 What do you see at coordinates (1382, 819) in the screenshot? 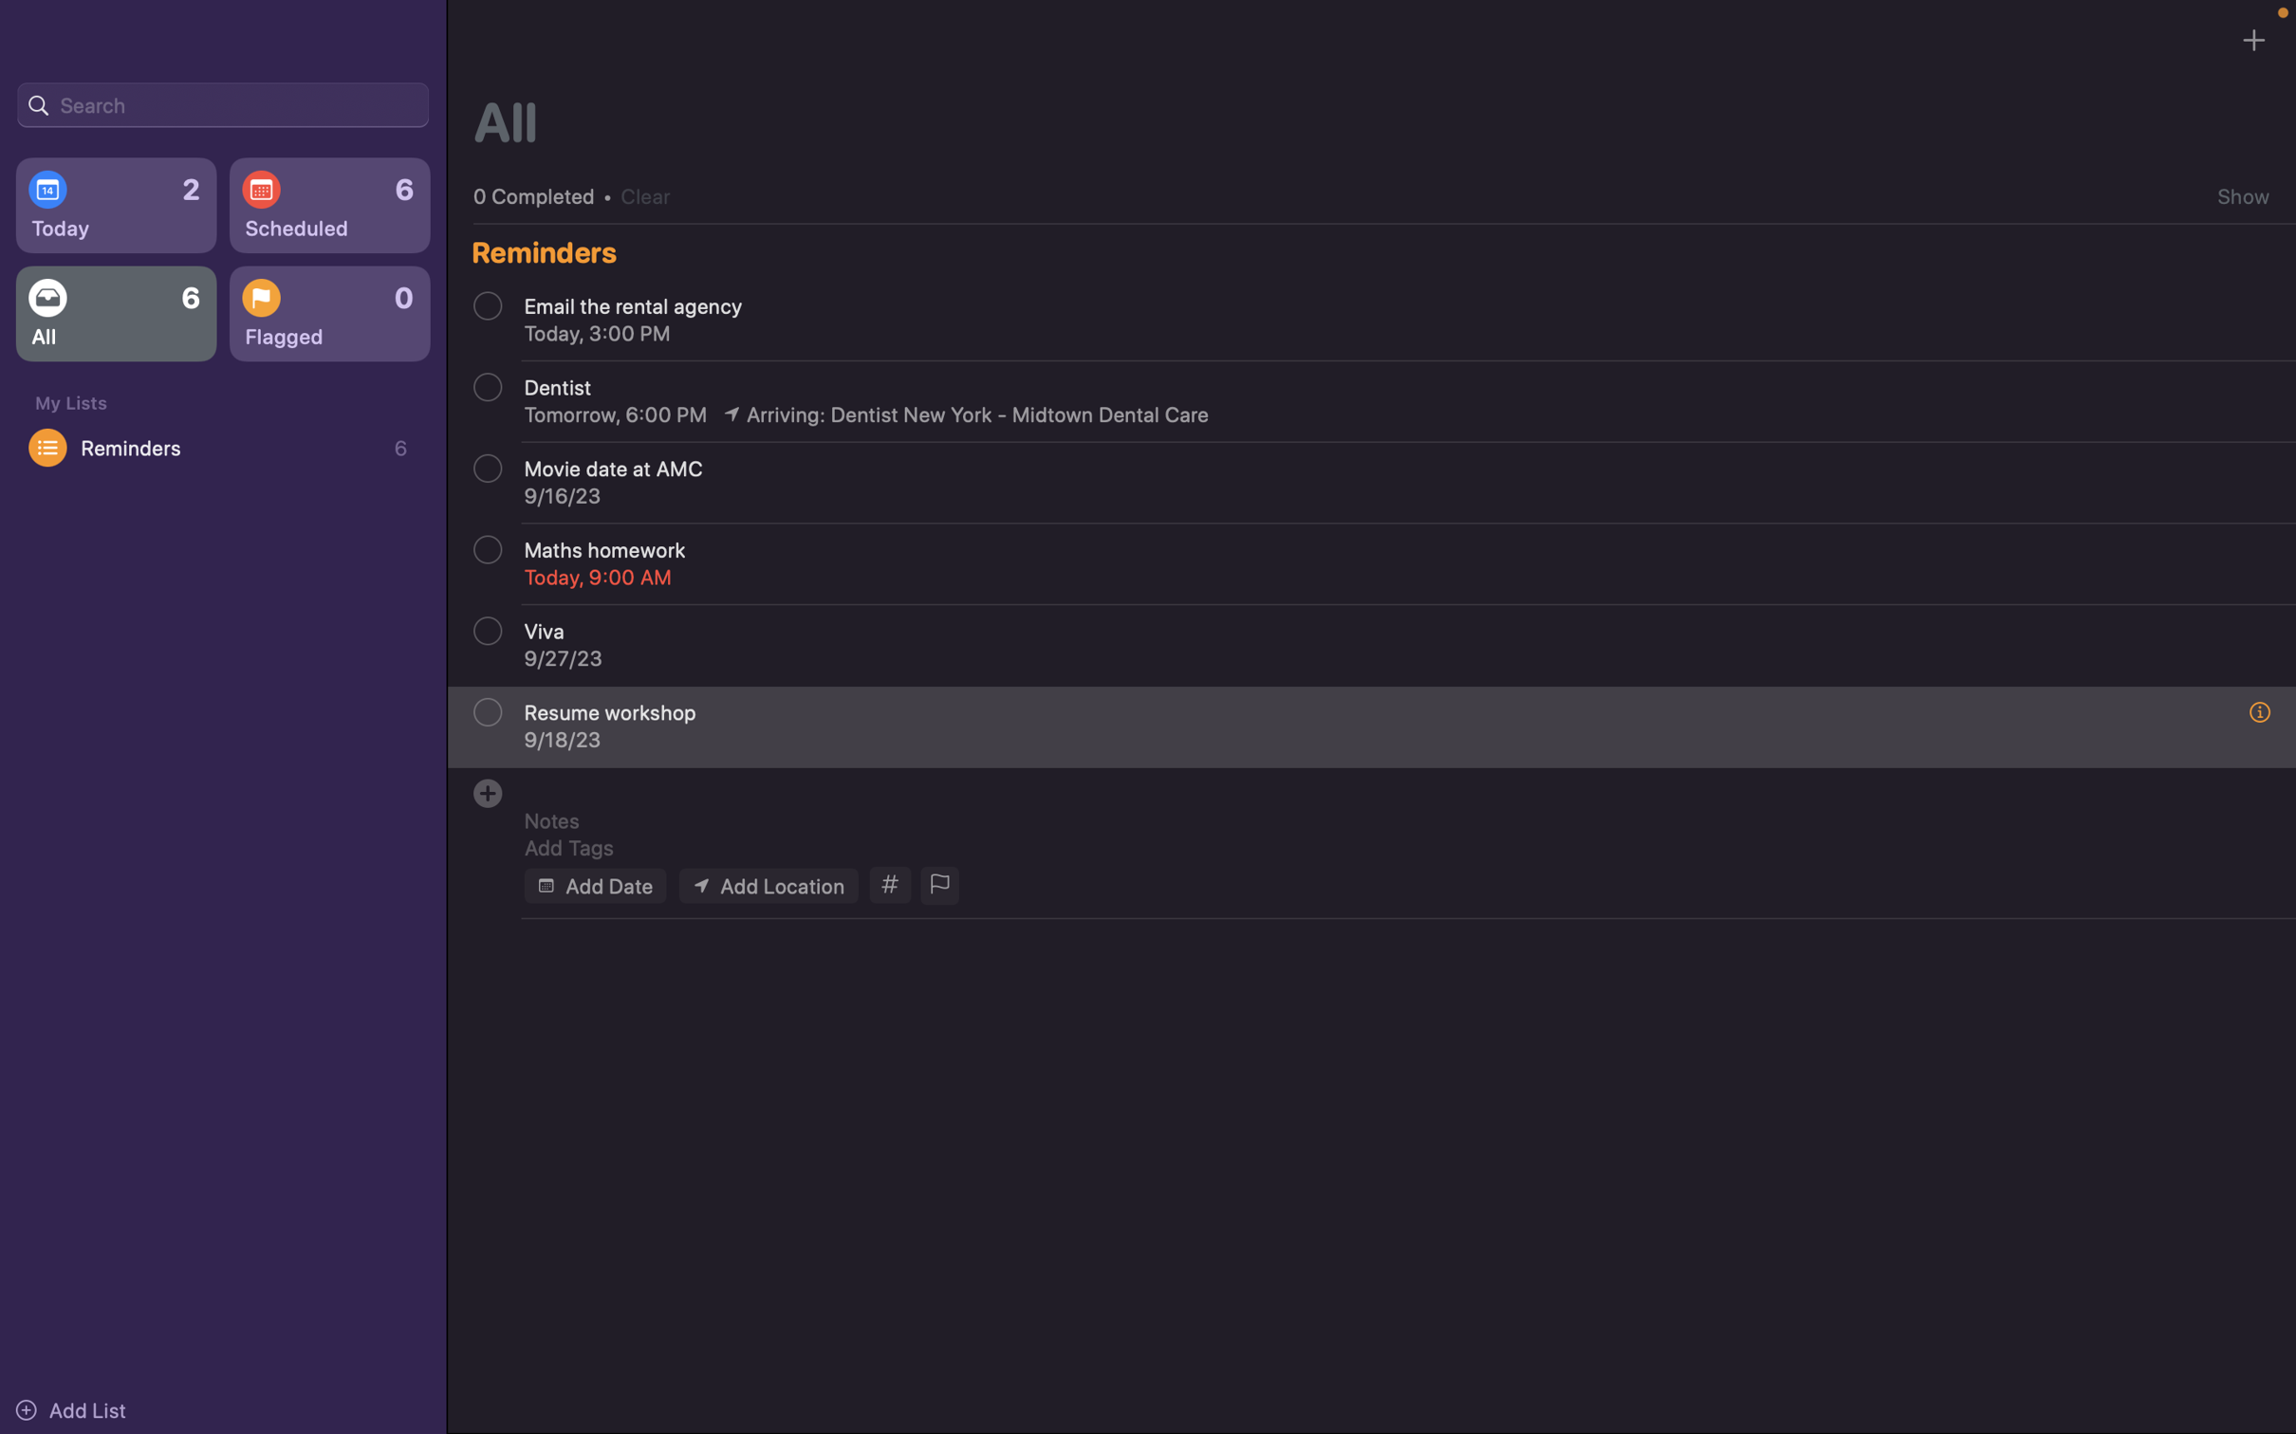
I see `Add note to the event as "bring textbook"` at bounding box center [1382, 819].